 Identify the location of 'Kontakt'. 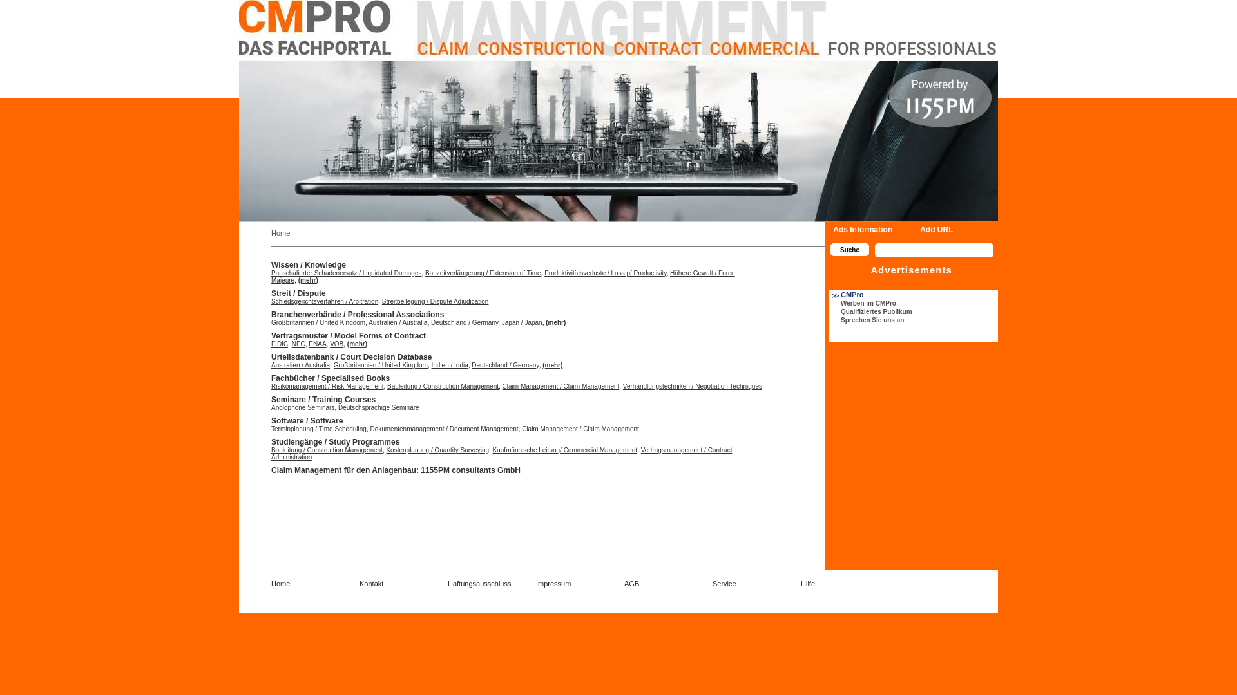
(359, 583).